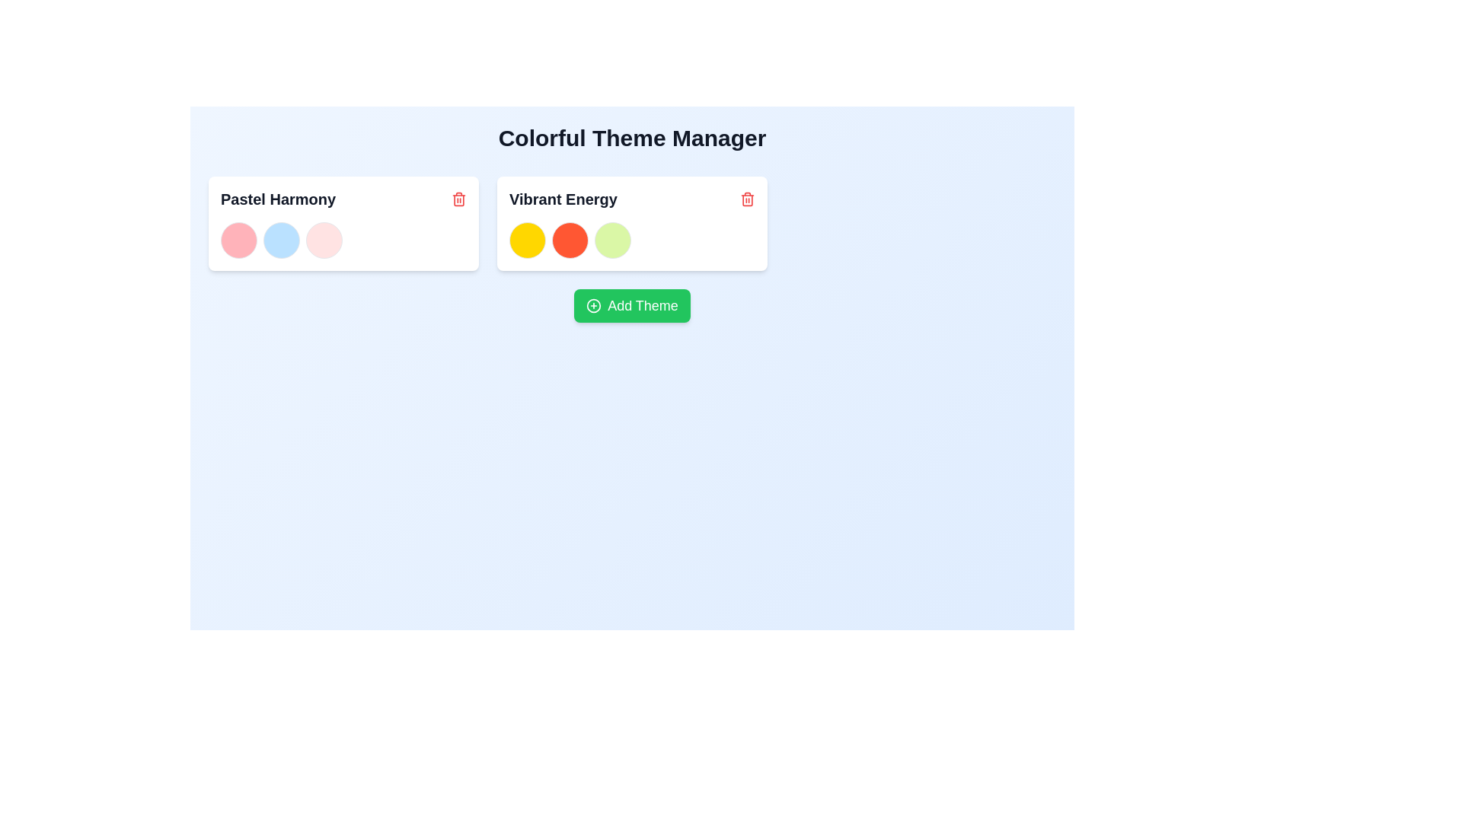  What do you see at coordinates (593, 305) in the screenshot?
I see `the decorative vector graphic located at the center of the 'Add Theme' button, which is part of the visual representation and non-interactive` at bounding box center [593, 305].